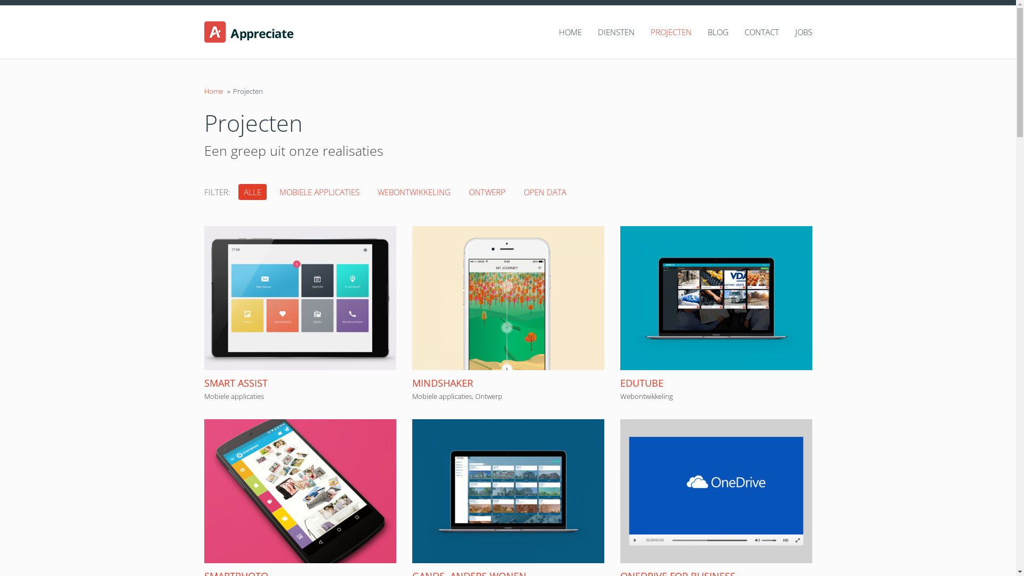  Describe the element at coordinates (545, 191) in the screenshot. I see `'OPEN DATA'` at that location.